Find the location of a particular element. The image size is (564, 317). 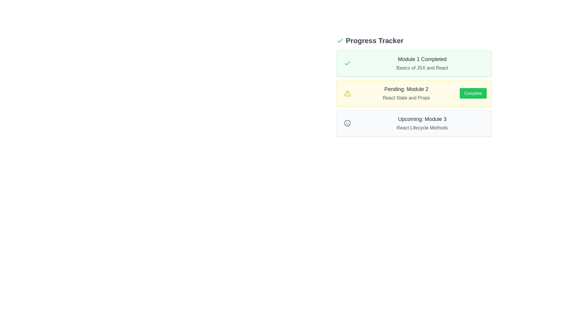

the checkmark icon that signifies 'Module 1' has been successfully completed in the 'Progress Tracker' section, located in the top-left corner of the green-highlighted box labeled 'Module 1 Completed' is located at coordinates (347, 63).